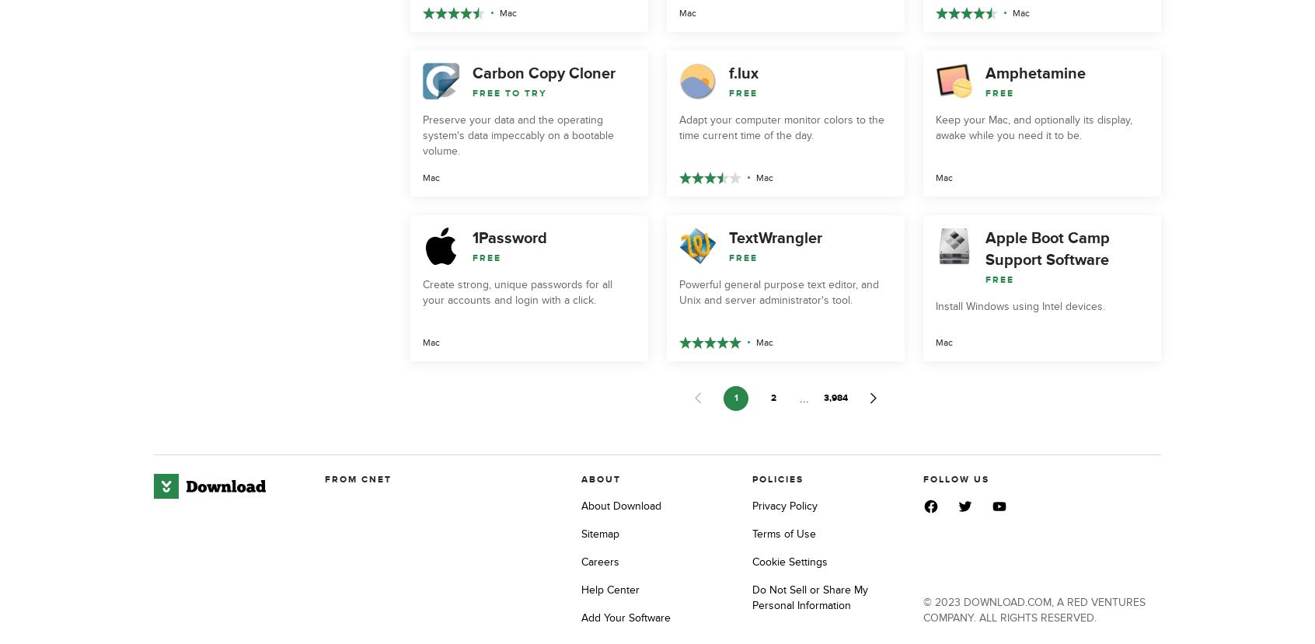 Image resolution: width=1315 pixels, height=644 pixels. Describe the element at coordinates (1048, 248) in the screenshot. I see `'Apple Boot Camp Support Software'` at that location.